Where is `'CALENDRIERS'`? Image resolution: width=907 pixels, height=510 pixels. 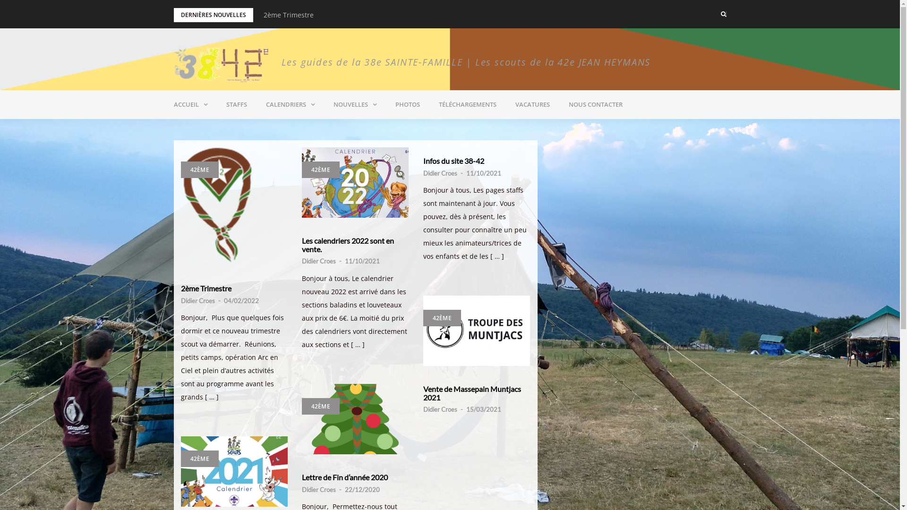 'CALENDRIERS' is located at coordinates (289, 104).